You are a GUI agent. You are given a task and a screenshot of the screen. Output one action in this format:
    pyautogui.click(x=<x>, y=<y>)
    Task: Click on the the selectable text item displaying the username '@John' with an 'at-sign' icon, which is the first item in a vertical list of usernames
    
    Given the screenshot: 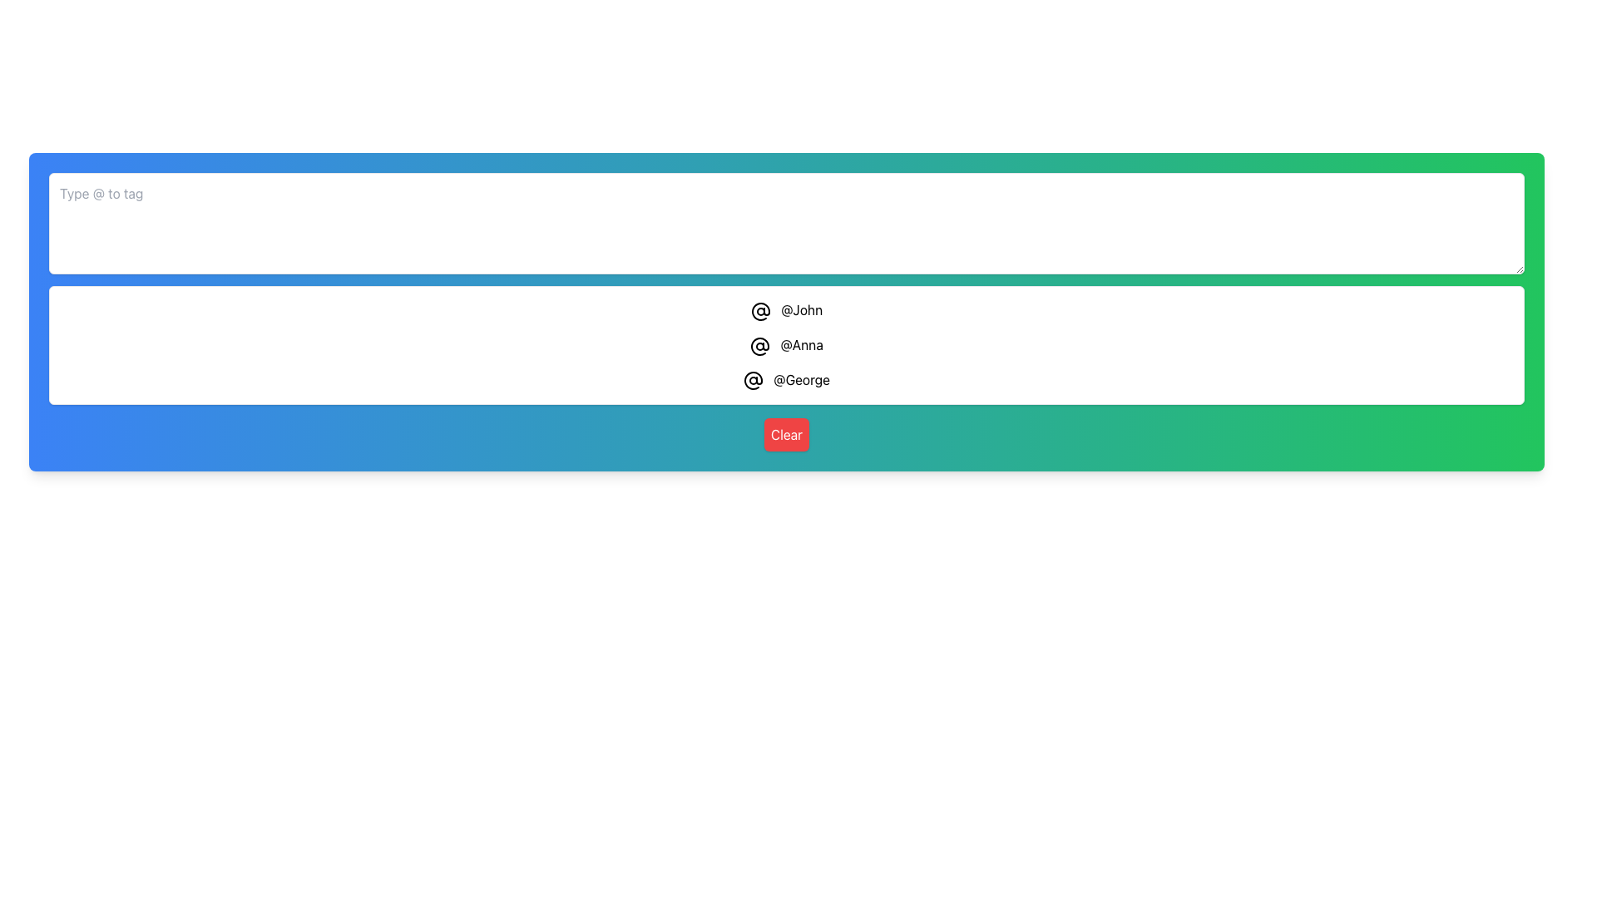 What is the action you would take?
    pyautogui.click(x=785, y=310)
    